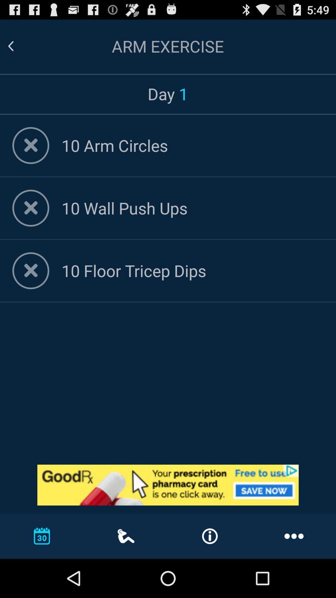 The image size is (336, 598). Describe the element at coordinates (18, 46) in the screenshot. I see `go back` at that location.